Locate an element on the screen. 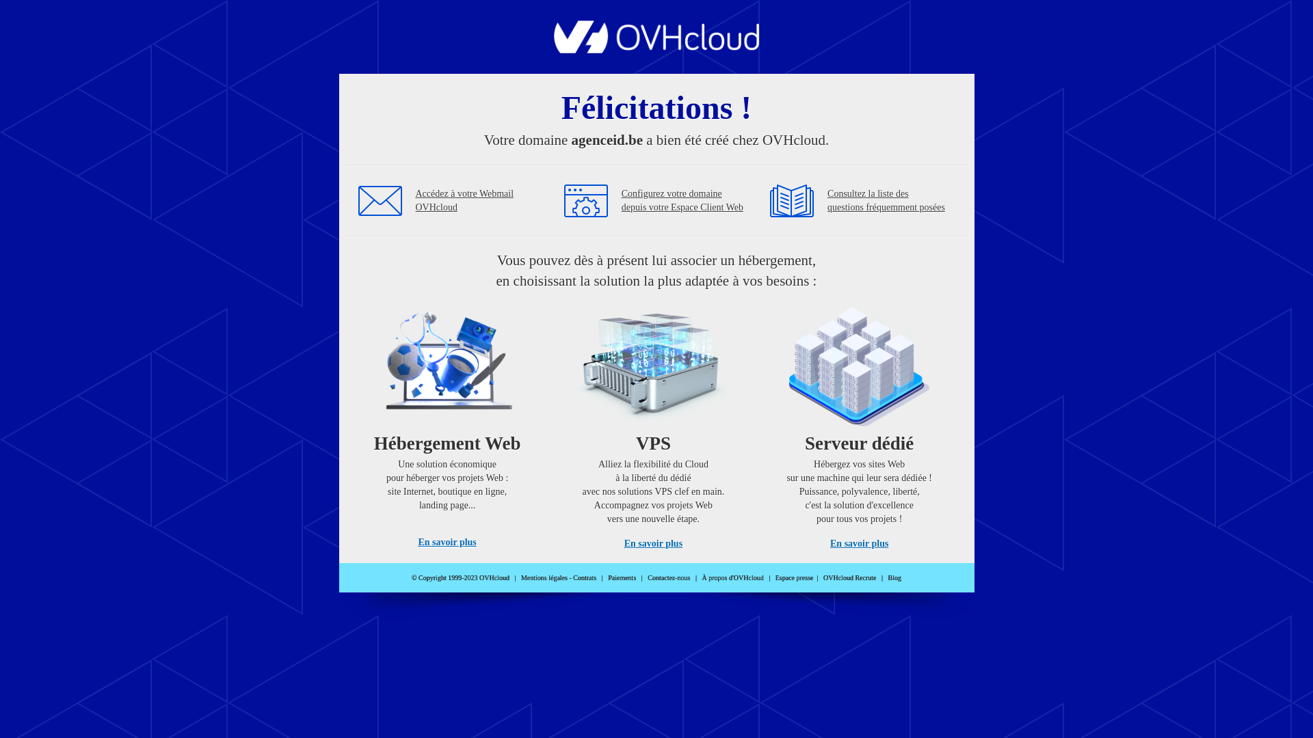 This screenshot has height=738, width=1313. 'Blog' is located at coordinates (888, 577).